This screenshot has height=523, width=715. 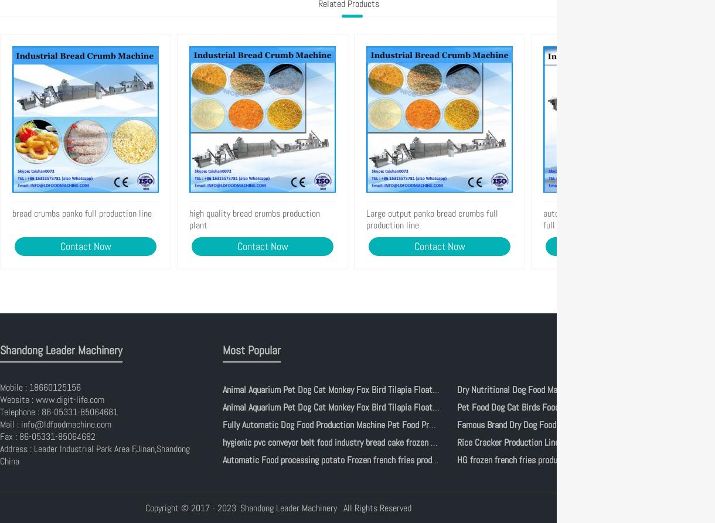 I want to click on 'Address : Leader Industrial Park Area F,Jinan,Shandong China', so click(x=94, y=454).